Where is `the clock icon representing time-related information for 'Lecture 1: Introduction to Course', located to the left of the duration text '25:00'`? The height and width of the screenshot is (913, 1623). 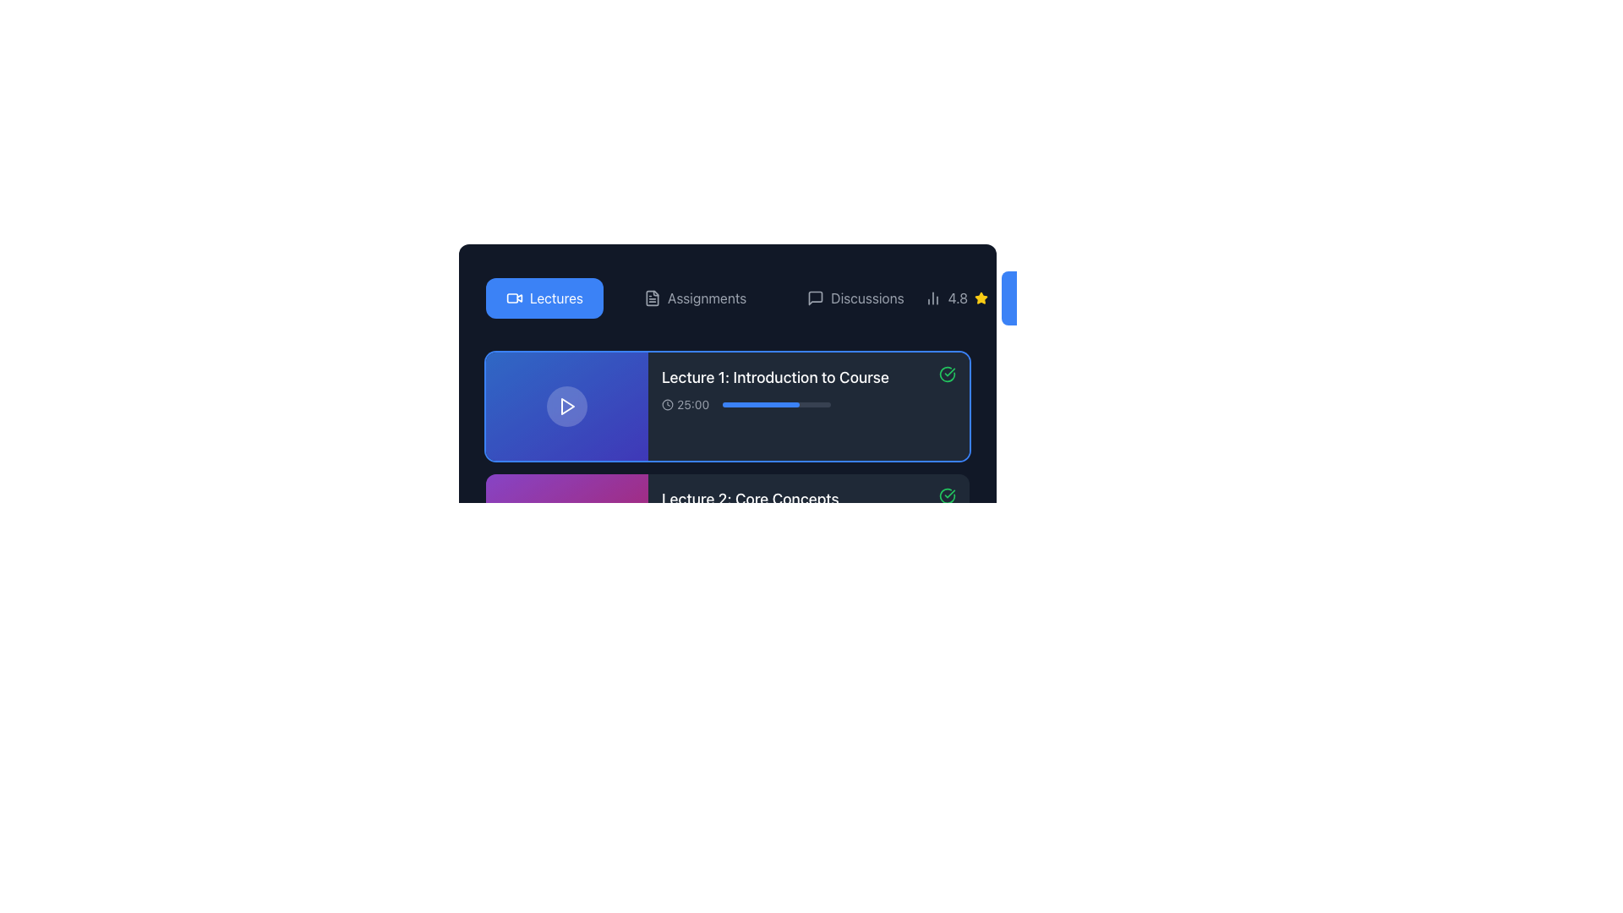 the clock icon representing time-related information for 'Lecture 1: Introduction to Course', located to the left of the duration text '25:00' is located at coordinates (667, 404).